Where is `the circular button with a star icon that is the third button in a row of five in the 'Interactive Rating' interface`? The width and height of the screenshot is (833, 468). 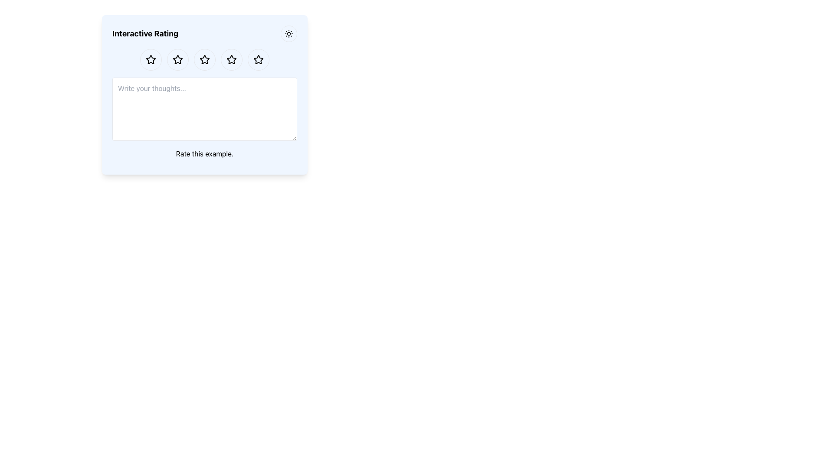
the circular button with a star icon that is the third button in a row of five in the 'Interactive Rating' interface is located at coordinates (204, 59).